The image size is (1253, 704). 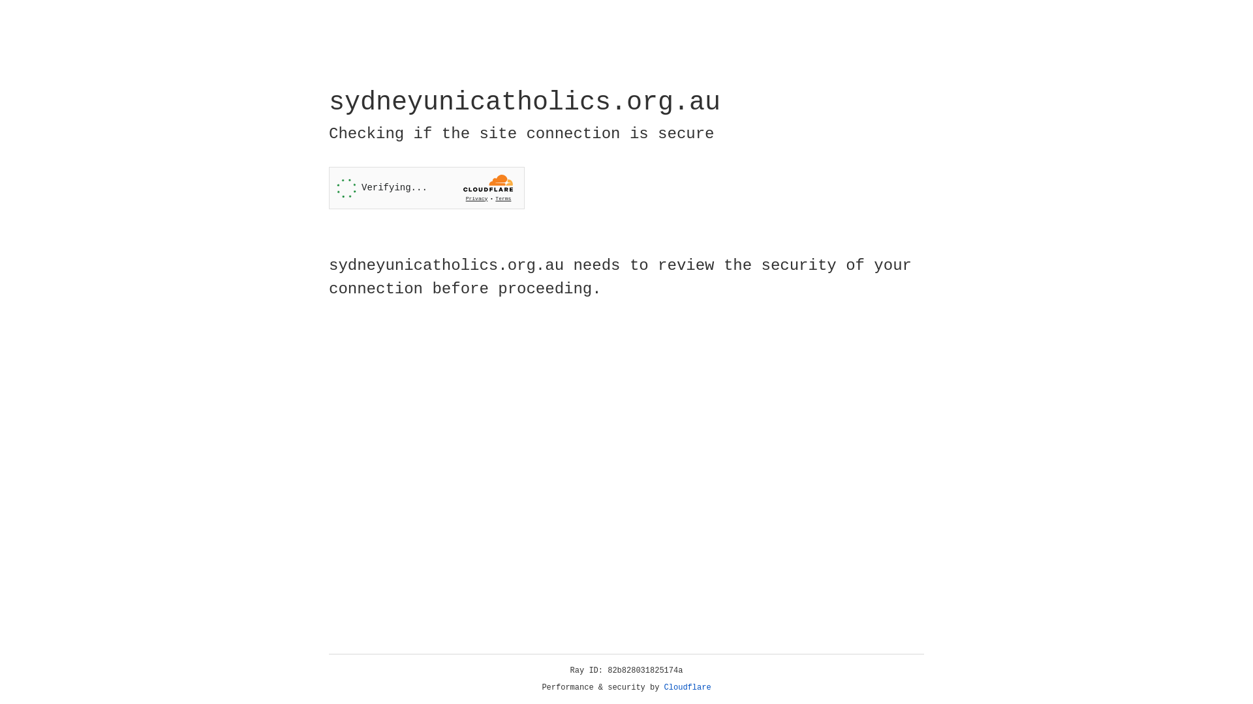 What do you see at coordinates (426, 188) in the screenshot?
I see `'Widget containing a Cloudflare security challenge'` at bounding box center [426, 188].